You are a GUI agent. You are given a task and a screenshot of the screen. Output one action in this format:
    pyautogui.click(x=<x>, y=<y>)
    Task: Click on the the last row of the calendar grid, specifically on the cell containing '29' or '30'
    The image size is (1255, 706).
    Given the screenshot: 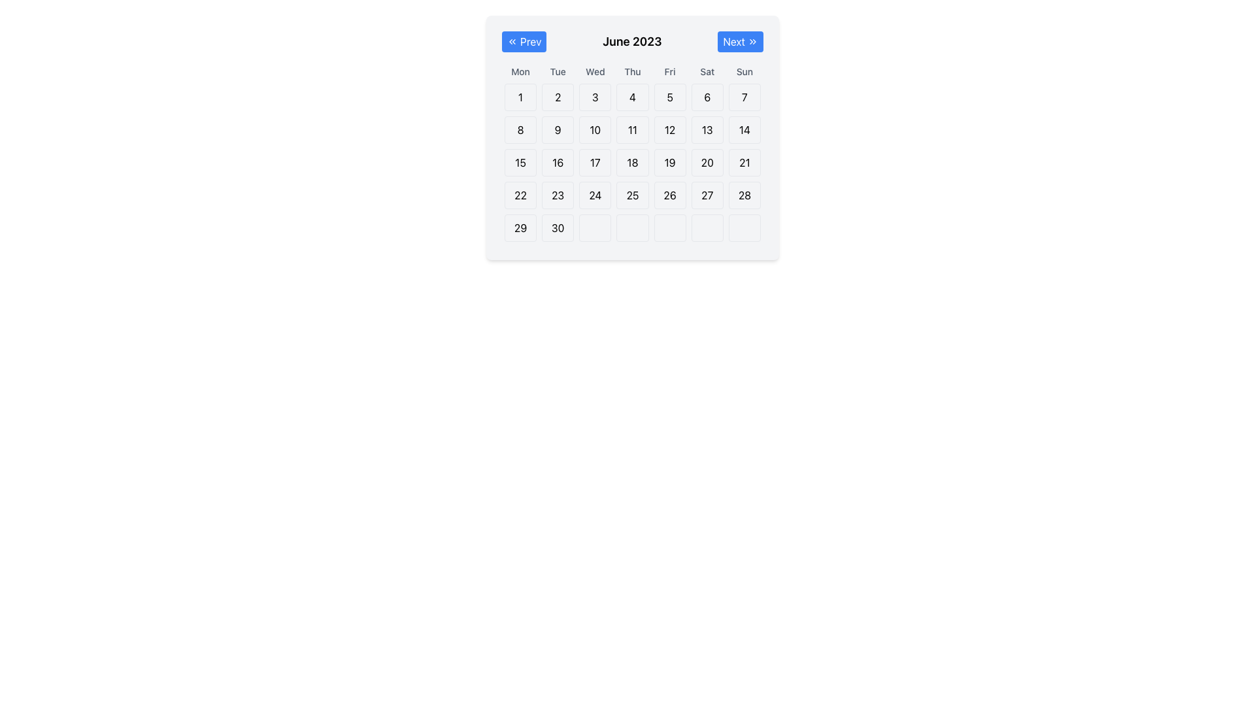 What is the action you would take?
    pyautogui.click(x=633, y=227)
    